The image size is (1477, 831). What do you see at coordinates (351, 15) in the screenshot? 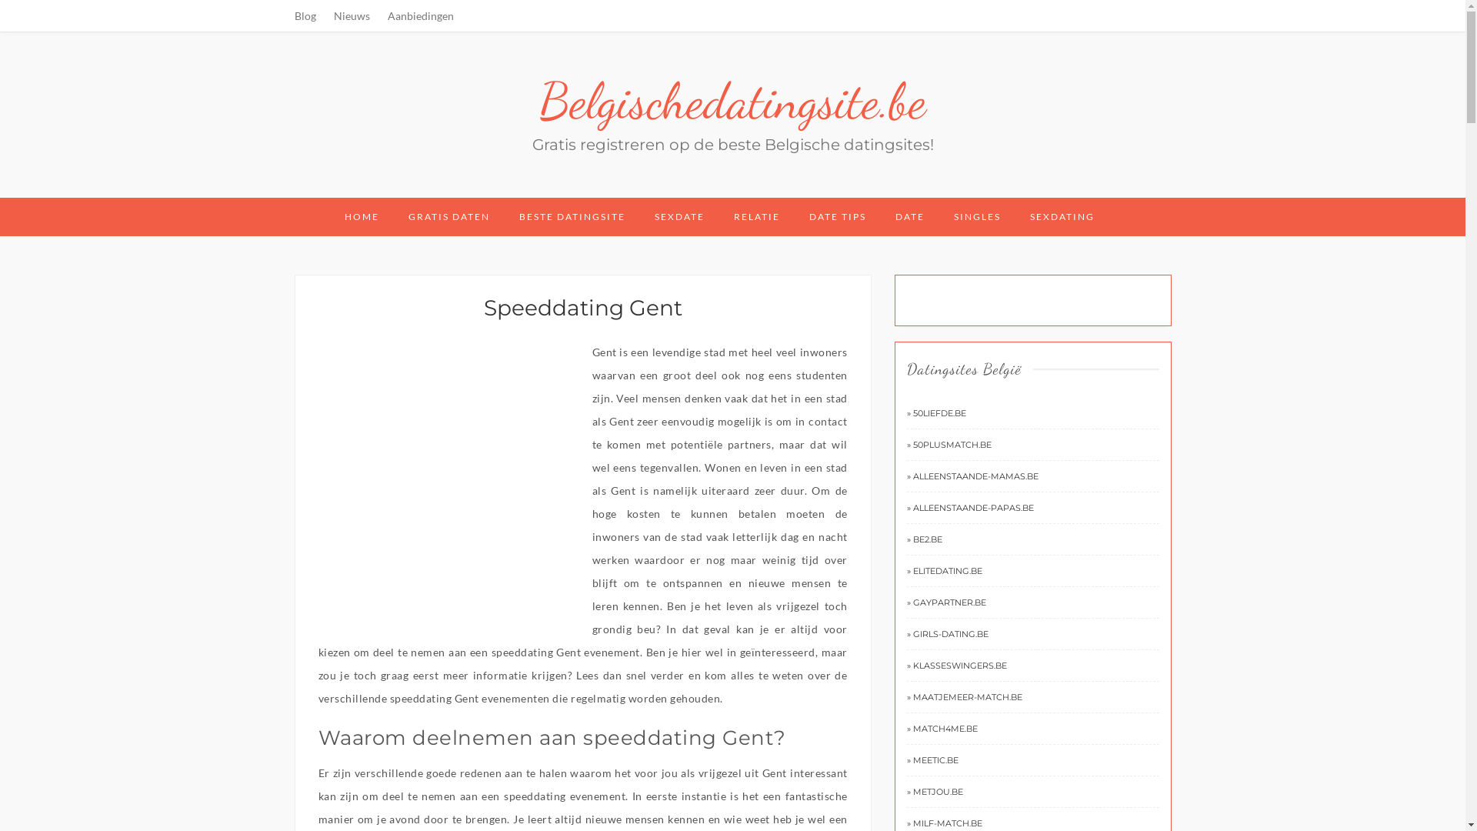
I see `'Nieuws'` at bounding box center [351, 15].